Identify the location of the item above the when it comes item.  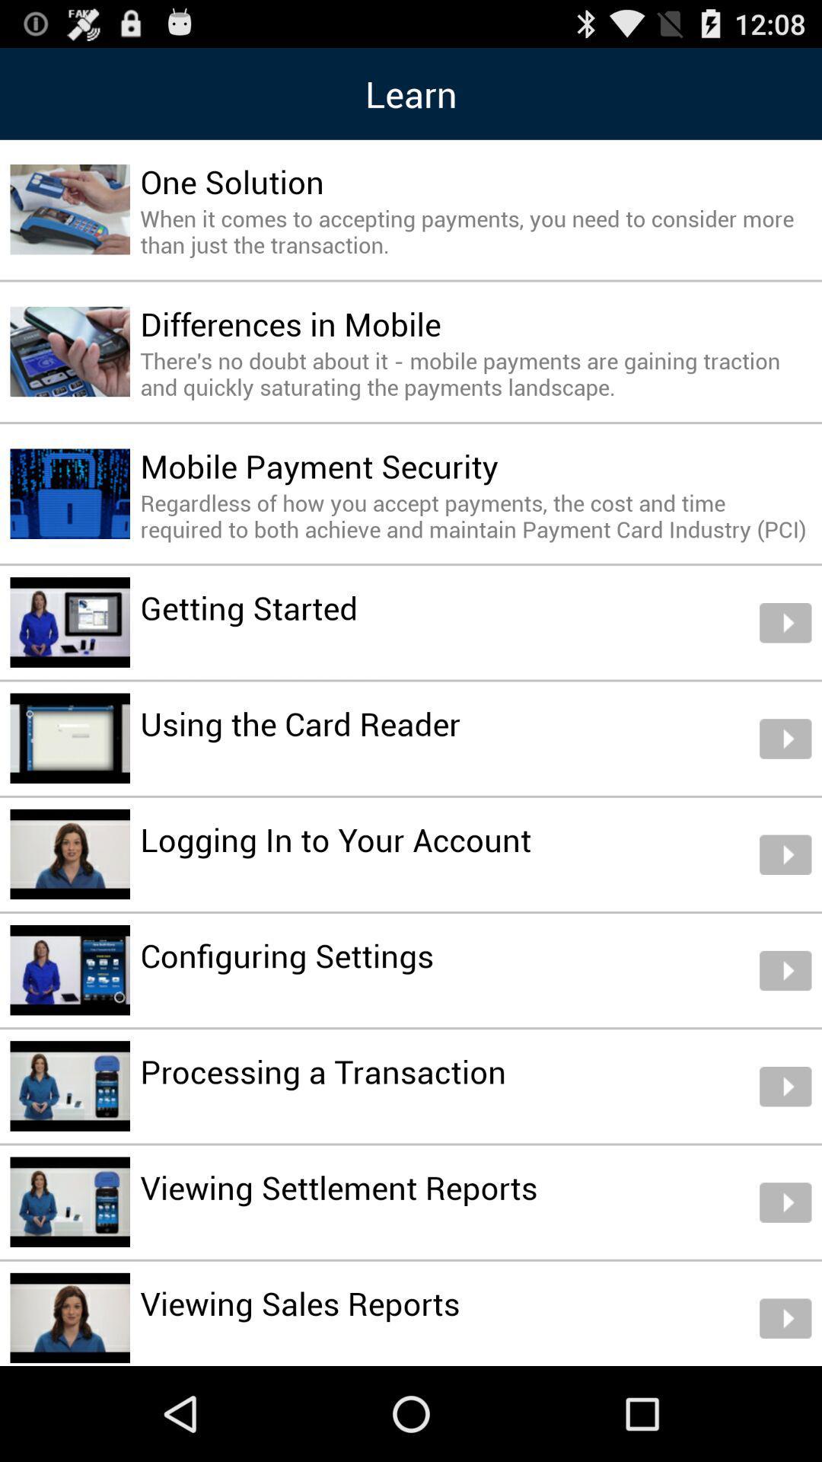
(232, 181).